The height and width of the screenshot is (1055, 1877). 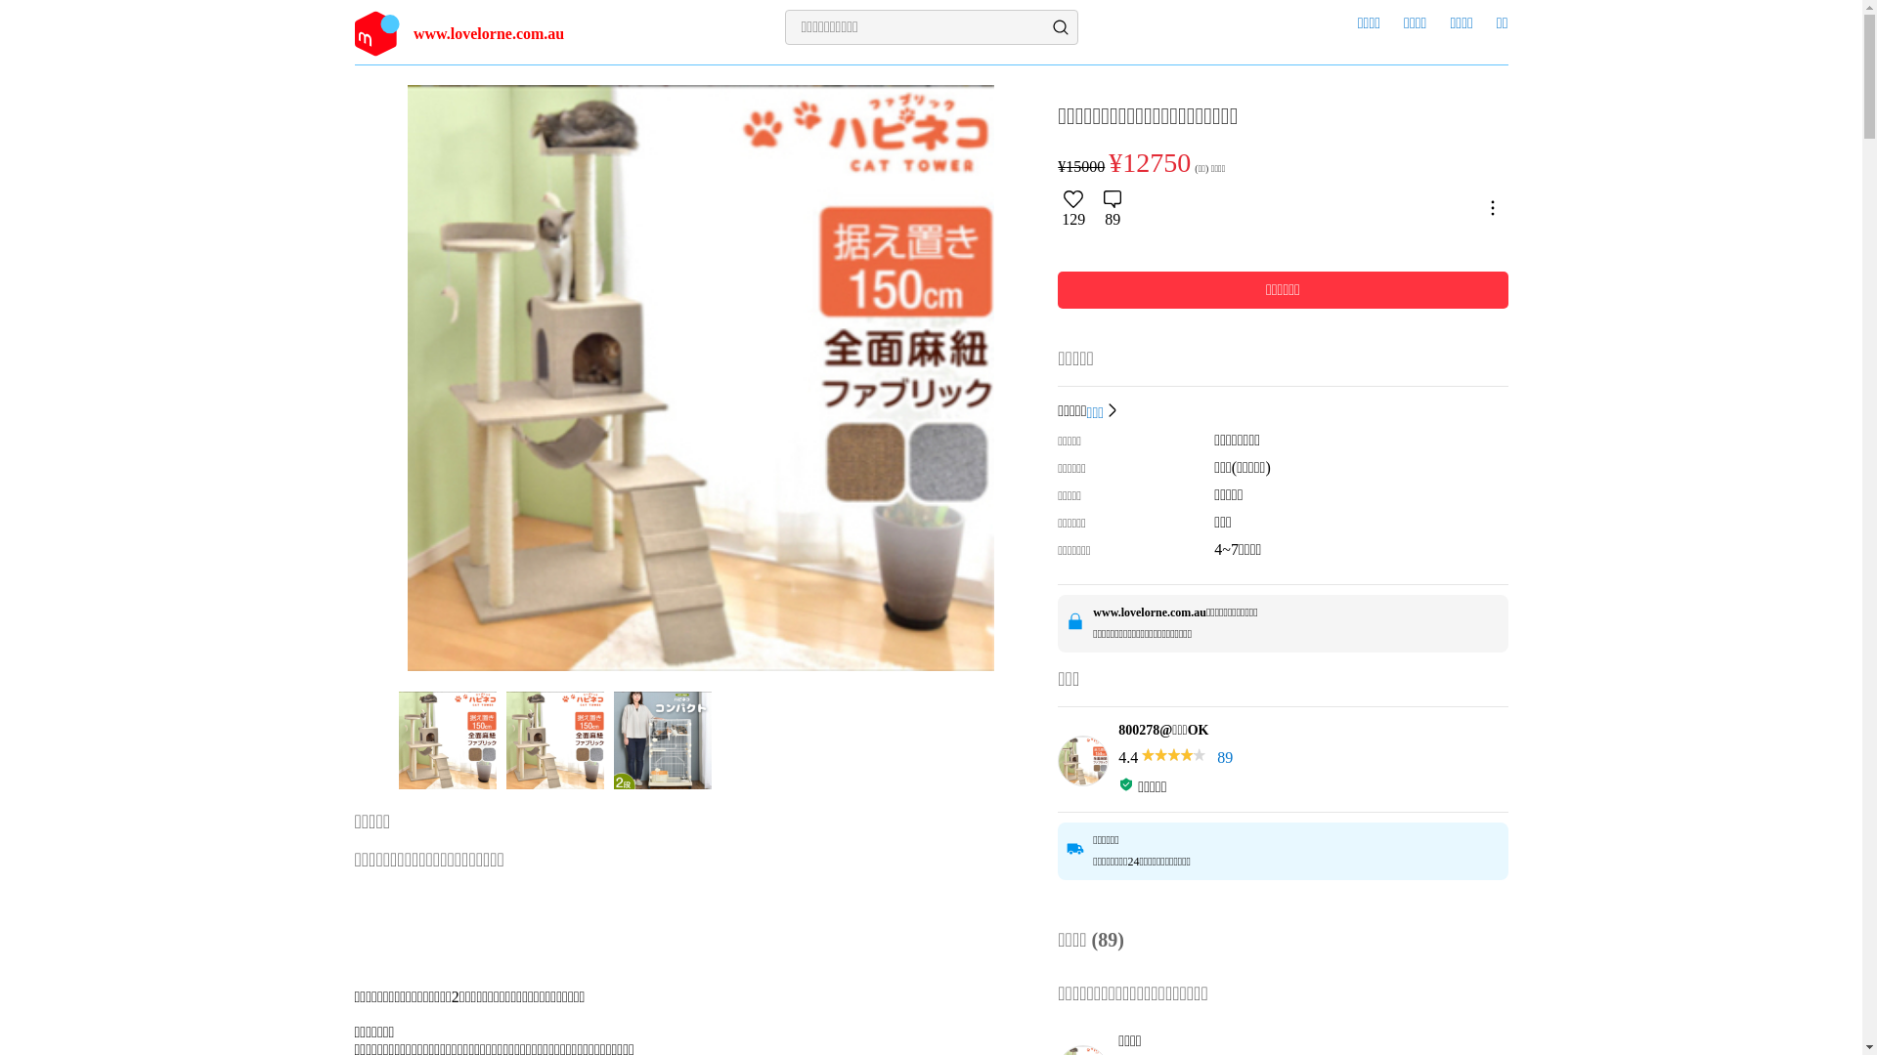 I want to click on 'www.lovelorne.com.au', so click(x=501, y=33).